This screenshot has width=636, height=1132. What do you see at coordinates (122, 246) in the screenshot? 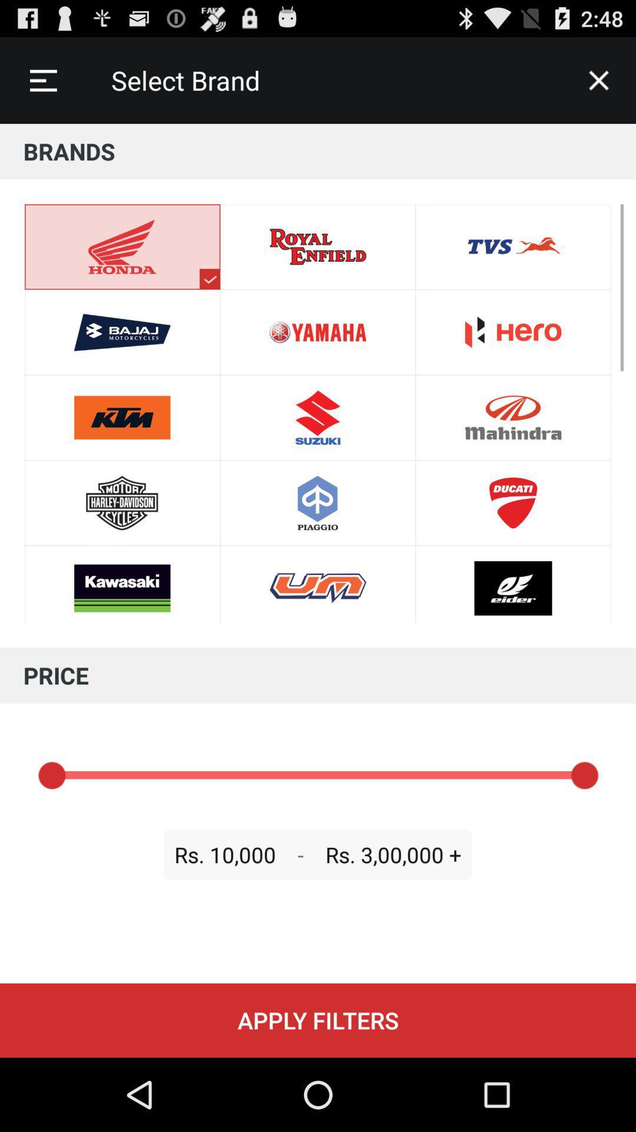
I see `the honda symbol at the top left of the page` at bounding box center [122, 246].